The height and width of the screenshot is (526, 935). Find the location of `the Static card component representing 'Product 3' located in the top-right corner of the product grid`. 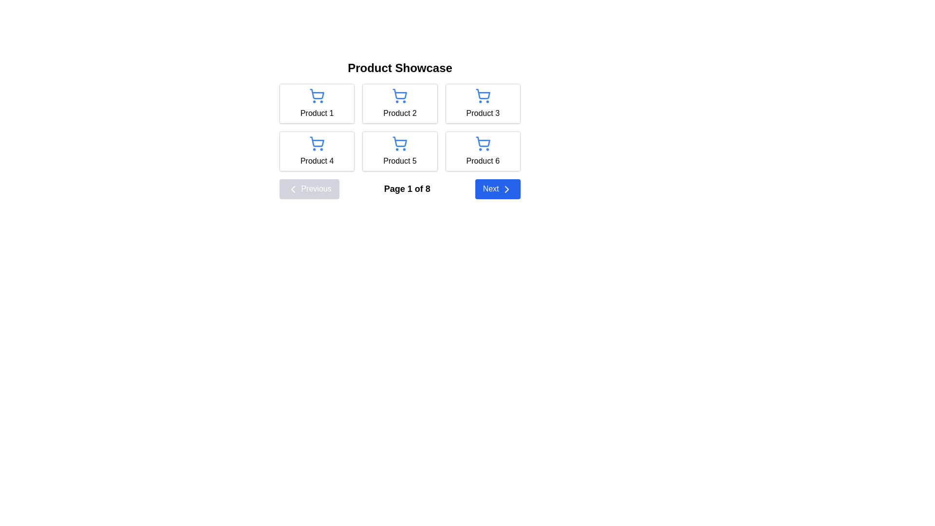

the Static card component representing 'Product 3' located in the top-right corner of the product grid is located at coordinates (483, 103).